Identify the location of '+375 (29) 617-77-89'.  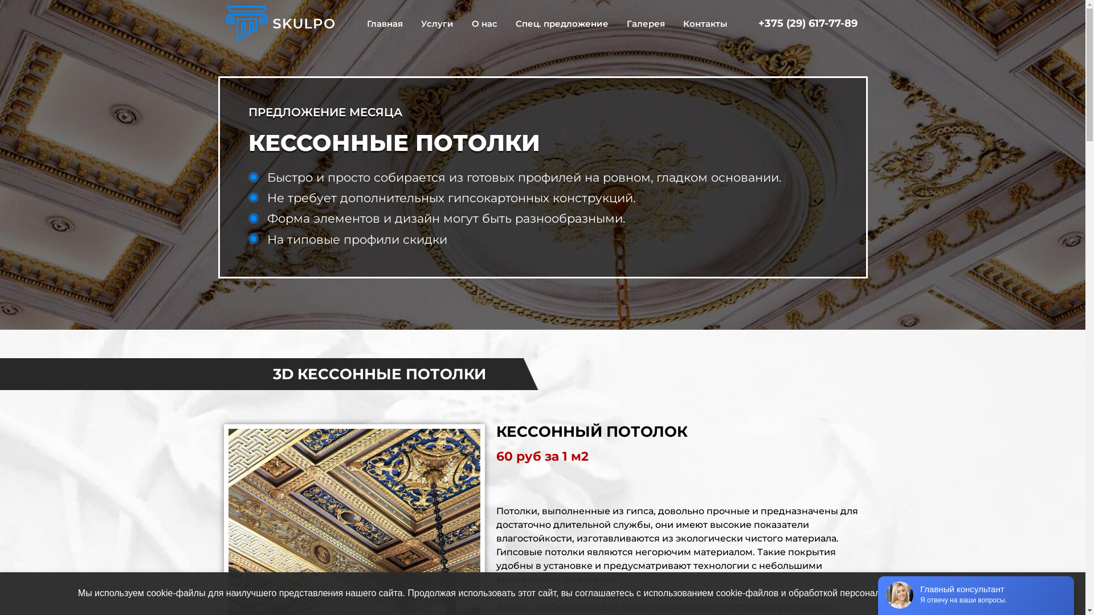
(807, 23).